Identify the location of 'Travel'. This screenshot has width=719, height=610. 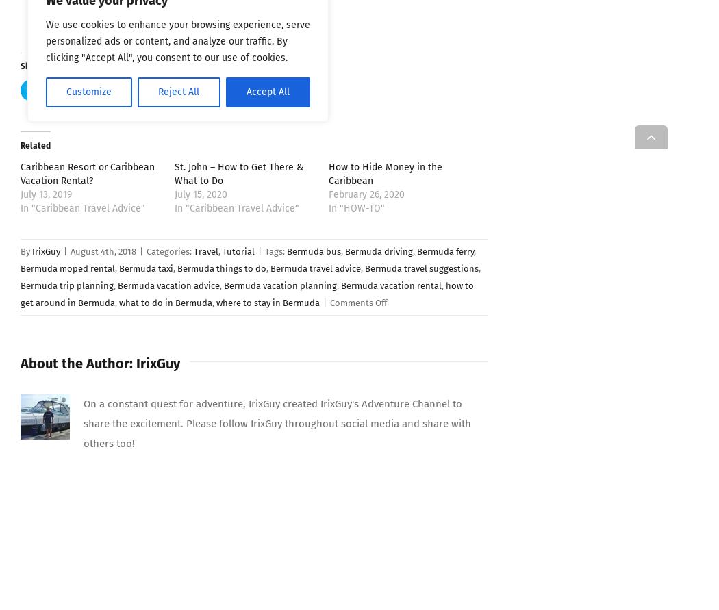
(192, 251).